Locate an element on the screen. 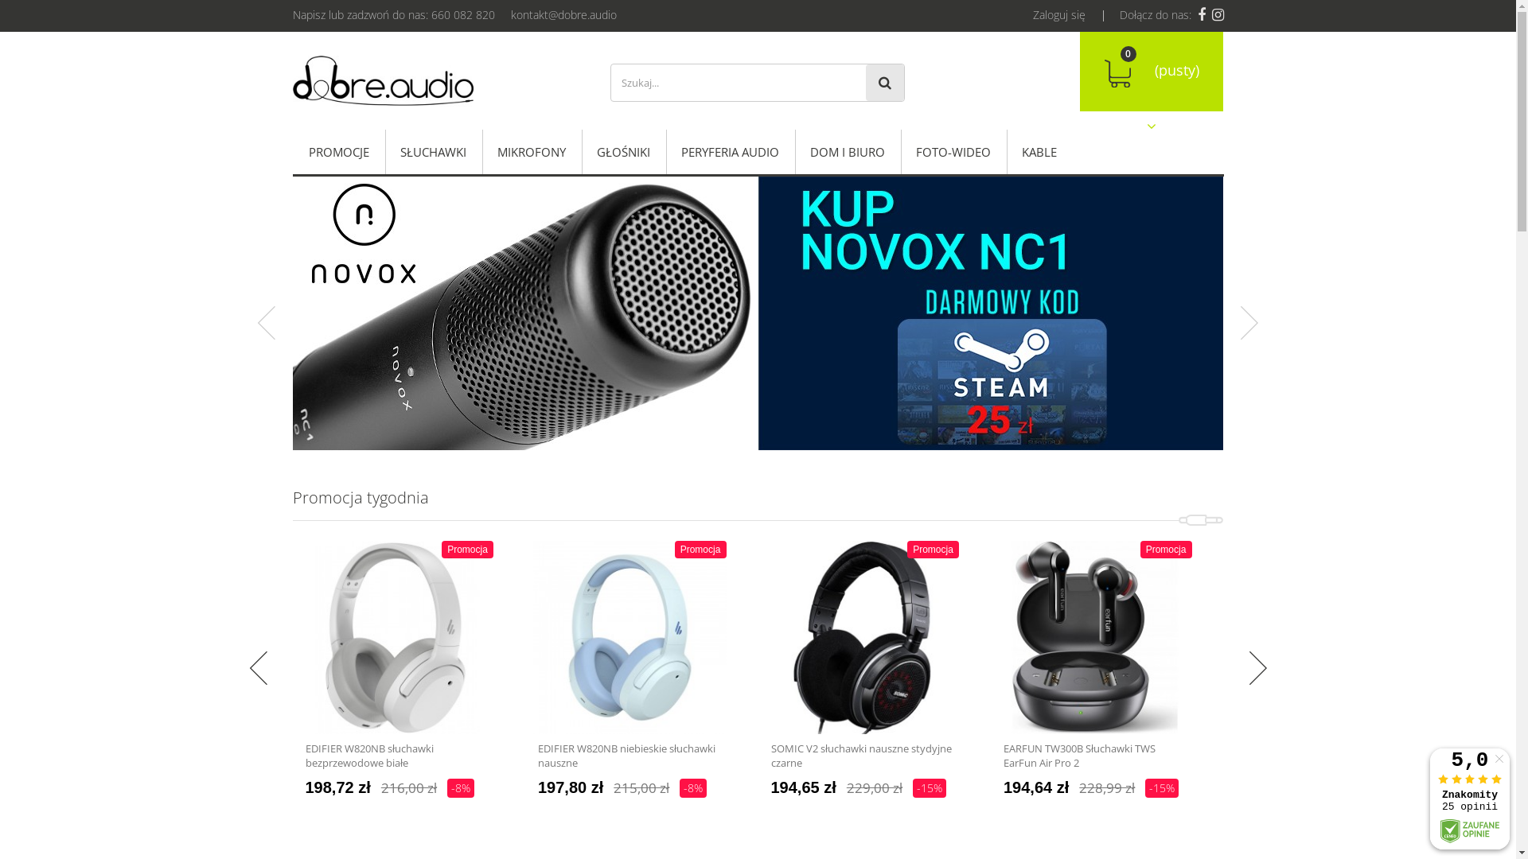 The height and width of the screenshot is (859, 1528). 'Dobre Audio Instagram' is located at coordinates (1207, 16).